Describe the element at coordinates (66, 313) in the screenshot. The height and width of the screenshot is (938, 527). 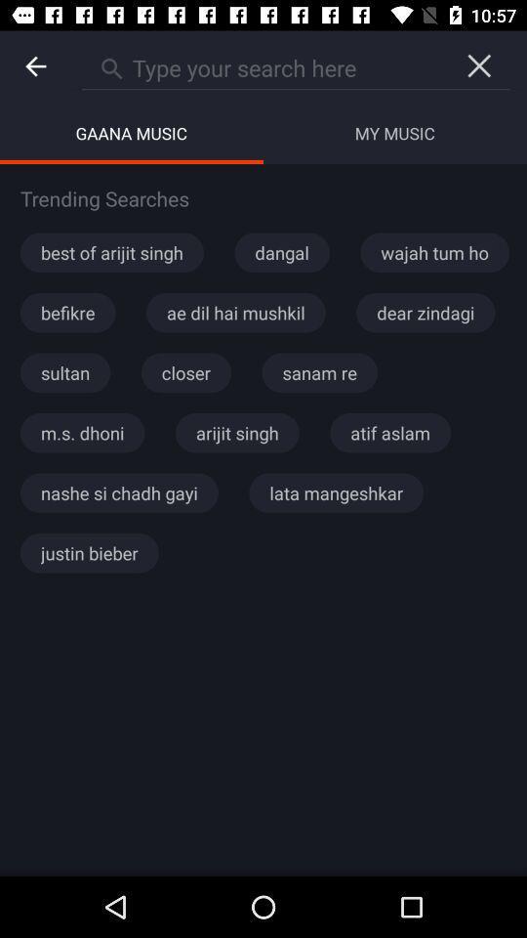
I see `befikre app` at that location.